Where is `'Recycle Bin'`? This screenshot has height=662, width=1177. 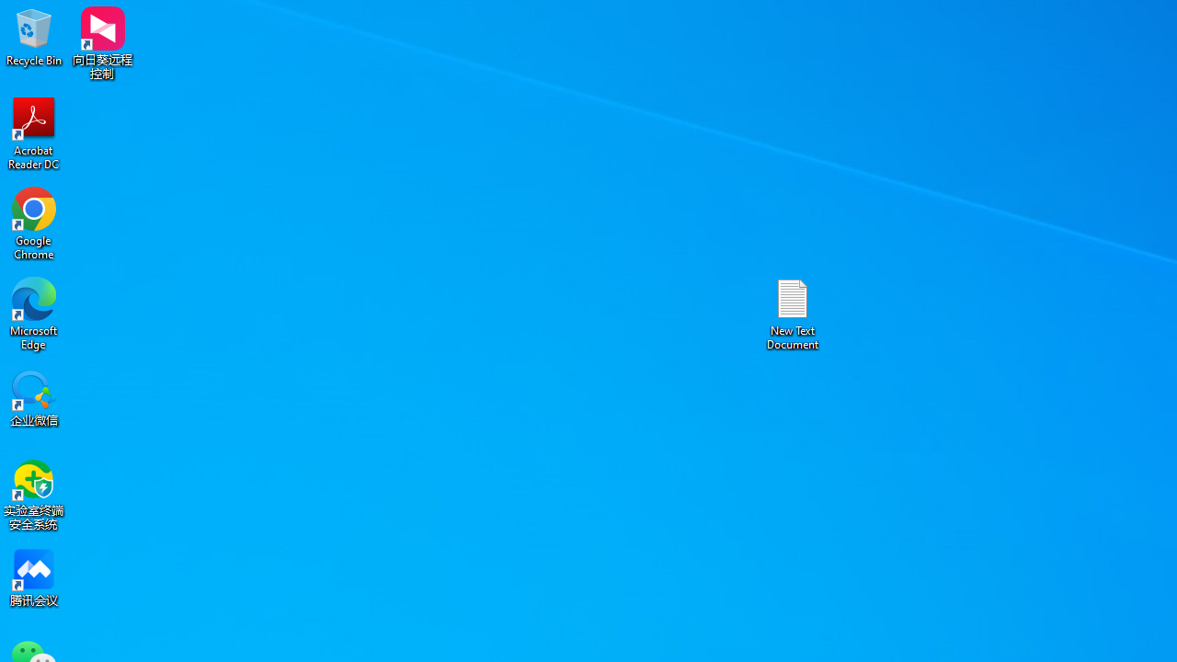
'Recycle Bin' is located at coordinates (34, 36).